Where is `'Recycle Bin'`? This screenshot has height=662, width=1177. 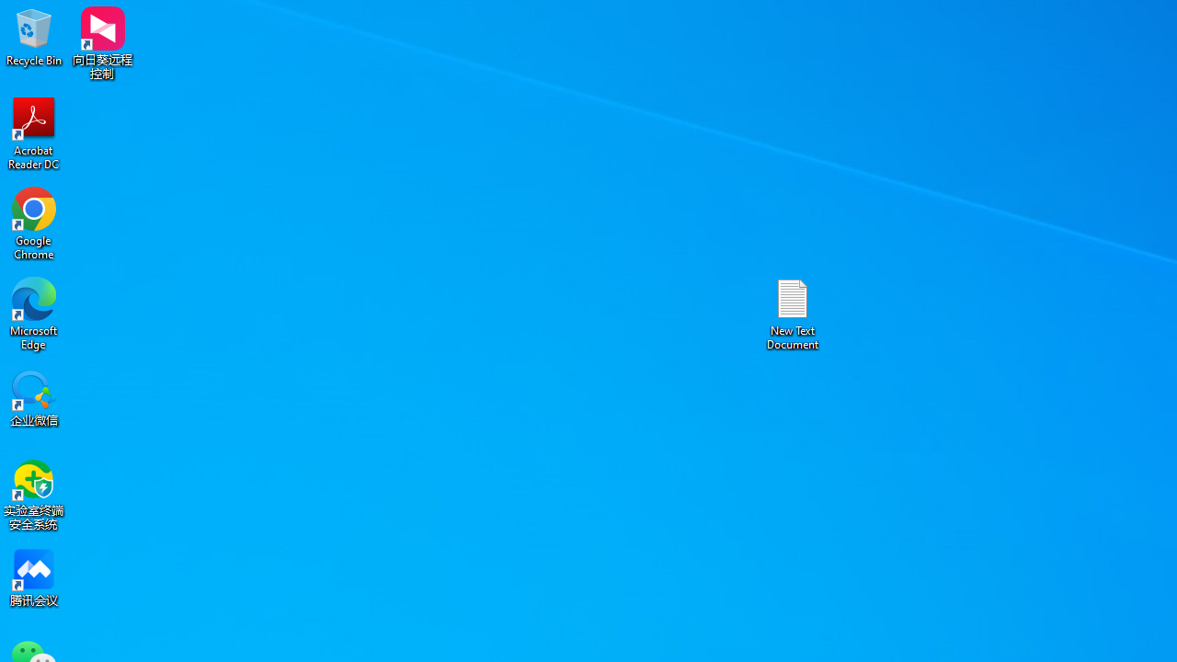
'Recycle Bin' is located at coordinates (34, 36).